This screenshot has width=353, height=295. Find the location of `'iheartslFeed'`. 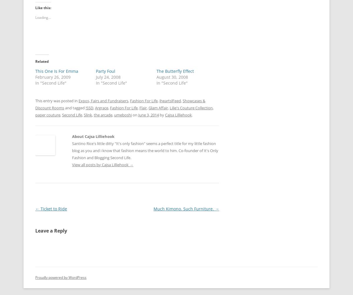

'iheartslFeed' is located at coordinates (170, 100).